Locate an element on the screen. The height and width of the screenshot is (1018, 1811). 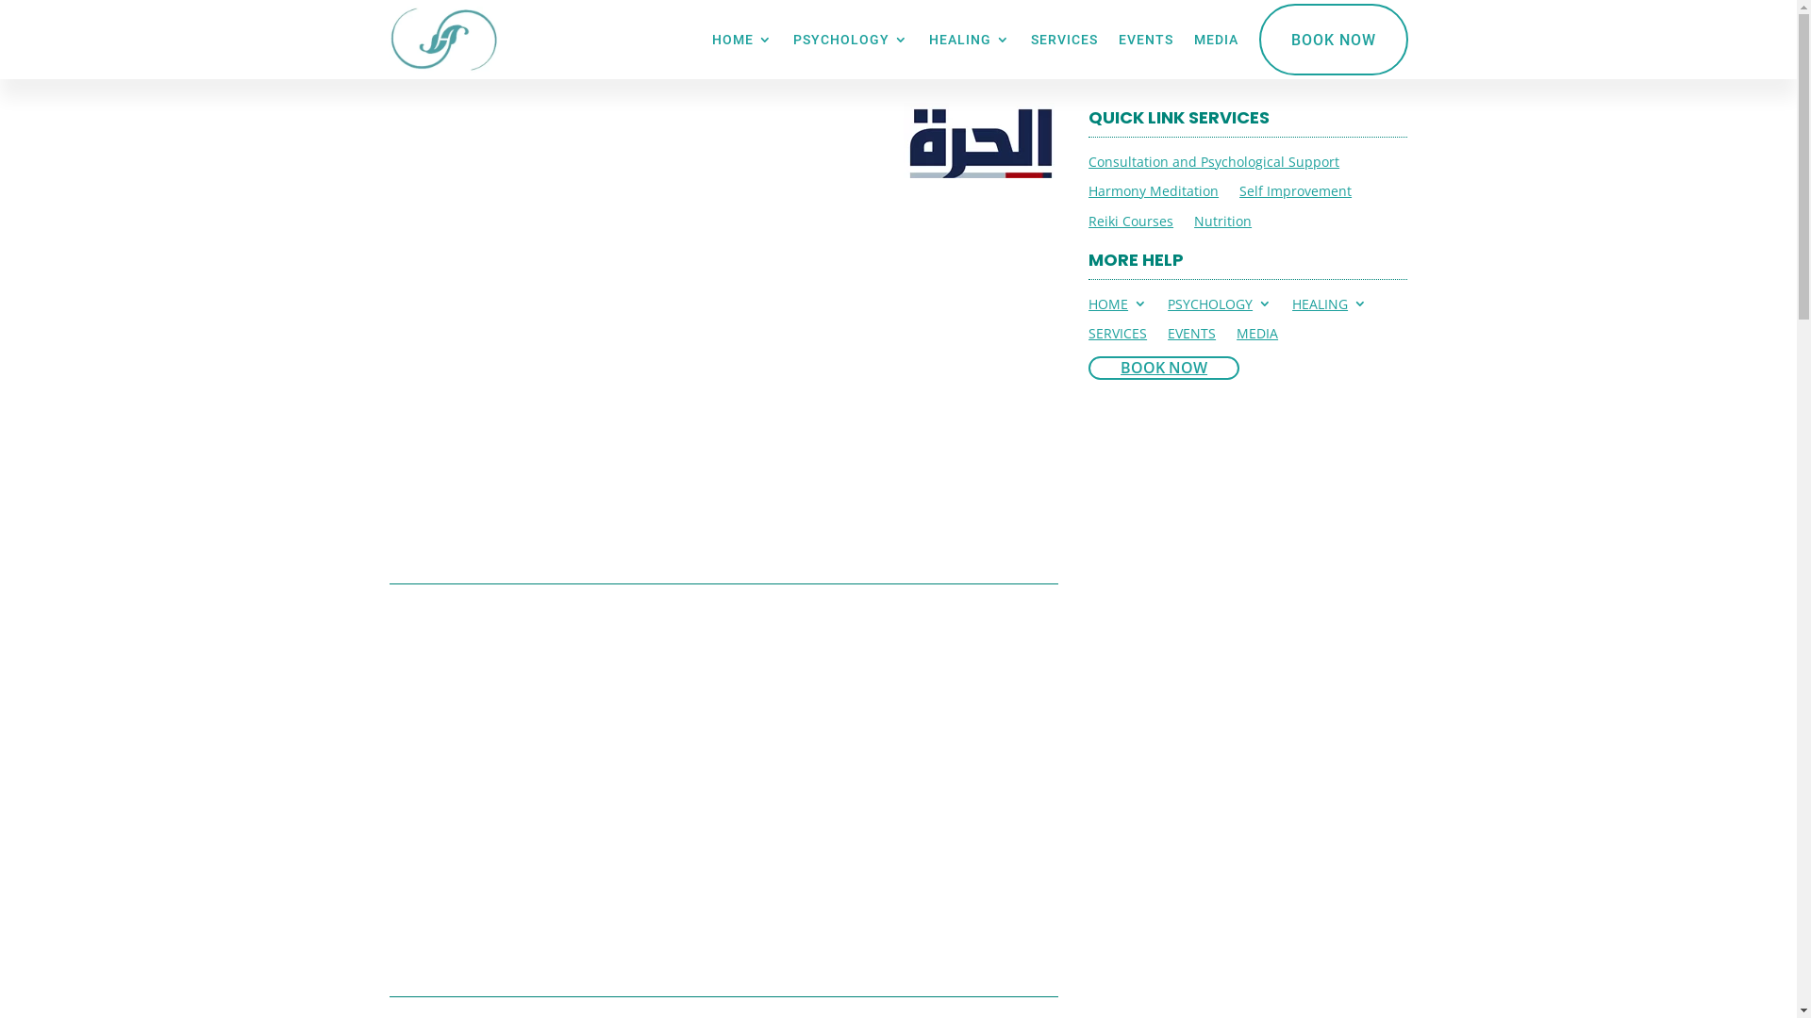
'MEDIA' is located at coordinates (1193, 40).